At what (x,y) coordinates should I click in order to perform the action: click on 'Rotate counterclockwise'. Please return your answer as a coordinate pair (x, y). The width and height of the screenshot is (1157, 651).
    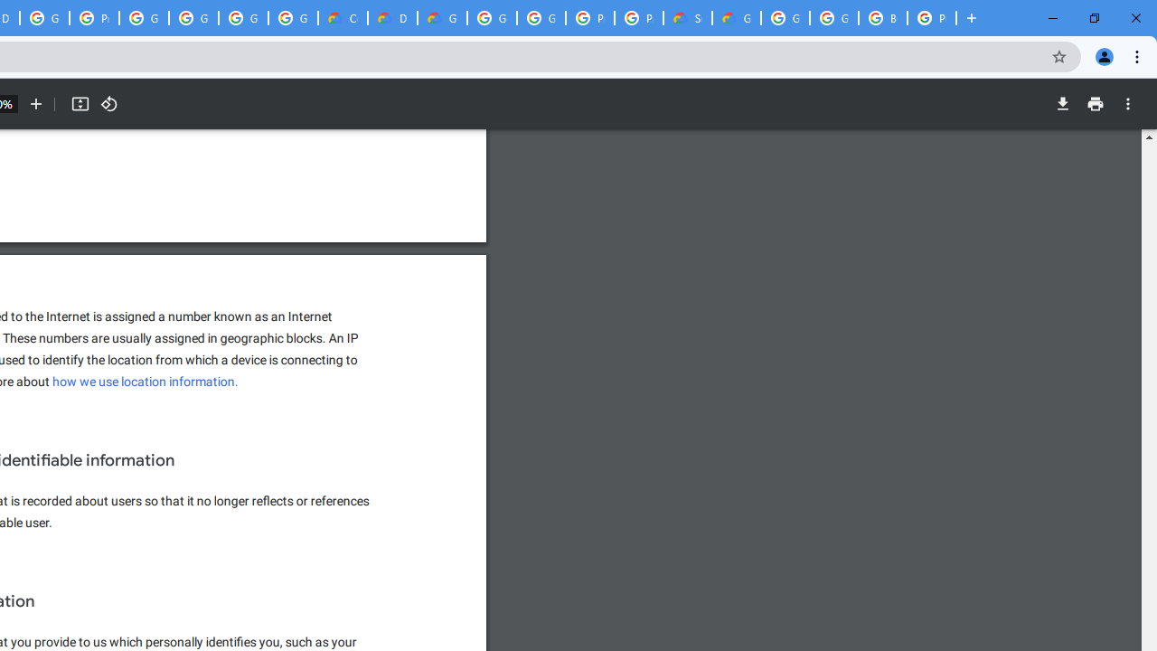
    Looking at the image, I should click on (108, 104).